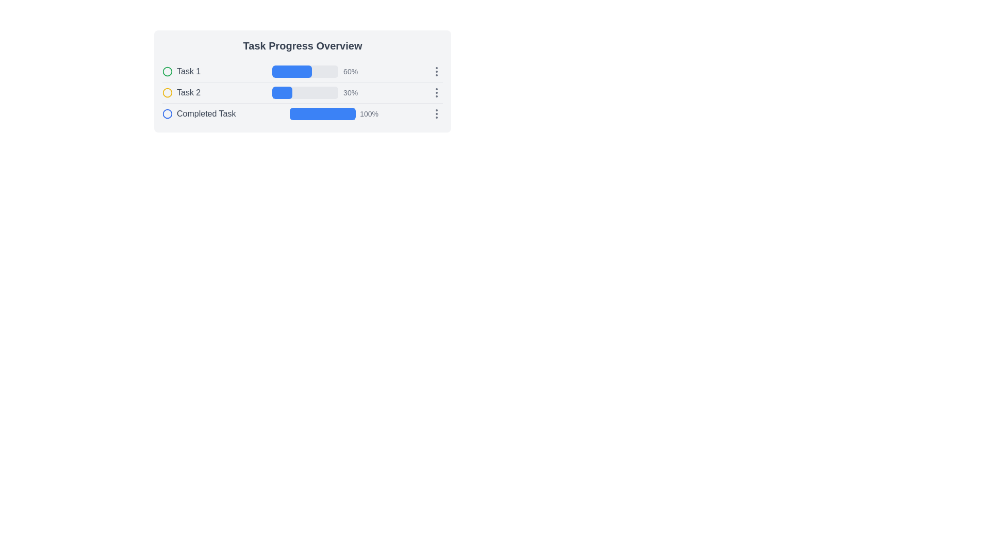 The height and width of the screenshot is (557, 990). What do you see at coordinates (302, 113) in the screenshot?
I see `the third Progress Tracker labeled 'Completed Task' which shows a completion status of 100% in the 'Task Progress Overview' section` at bounding box center [302, 113].